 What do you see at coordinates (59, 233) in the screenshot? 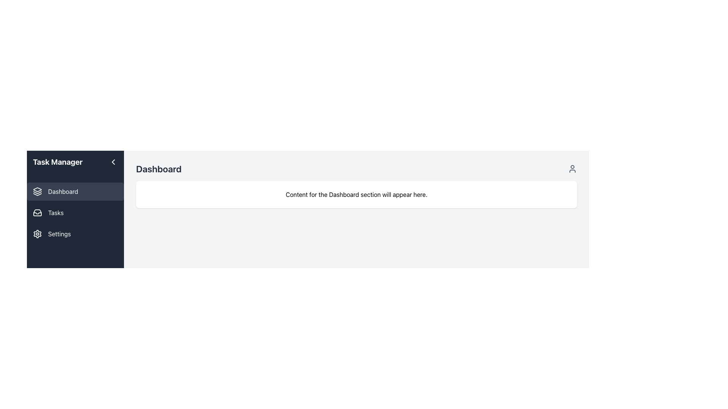
I see `the text label in the sidebar that serves as a navigation indicator for the settings page, located directly below the 'Tasks' label` at bounding box center [59, 233].